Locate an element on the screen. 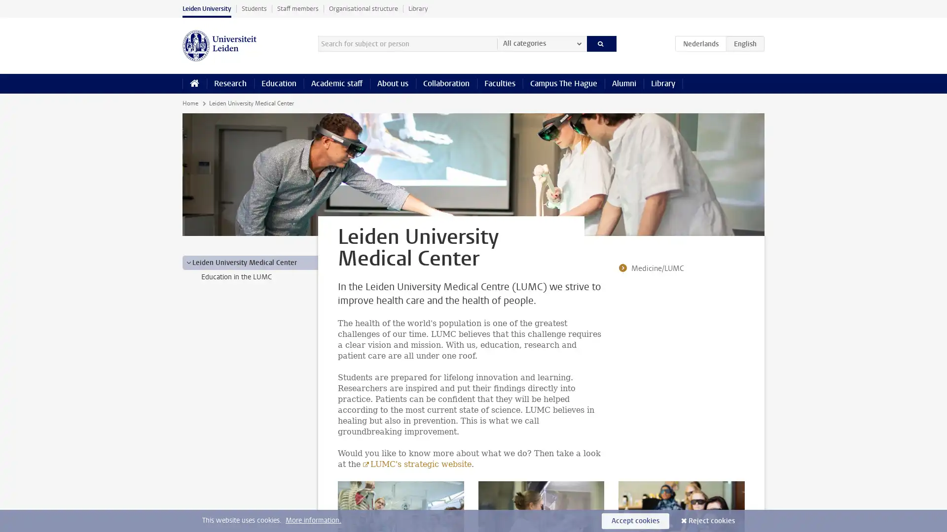  Reject cookies is located at coordinates (712, 520).